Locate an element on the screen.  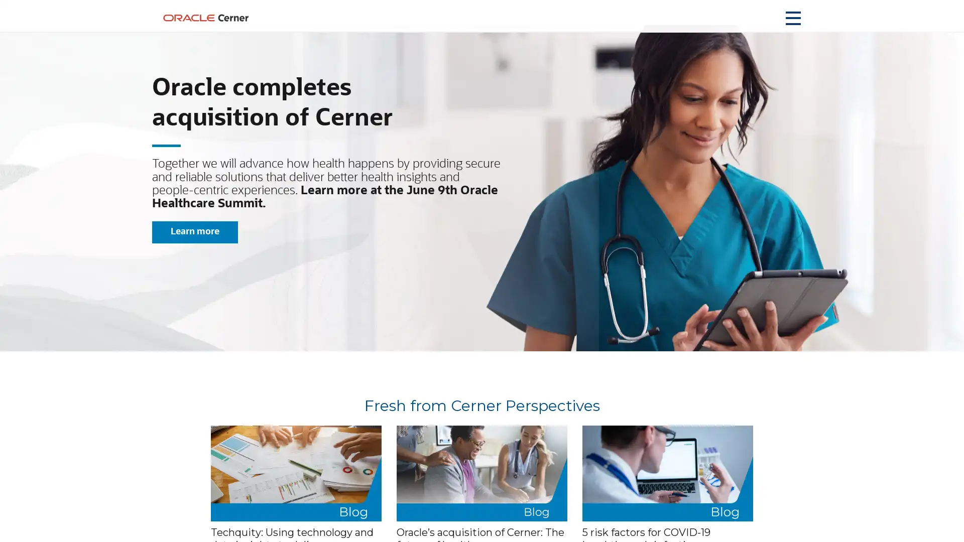
Accept All Cookies is located at coordinates (778, 520).